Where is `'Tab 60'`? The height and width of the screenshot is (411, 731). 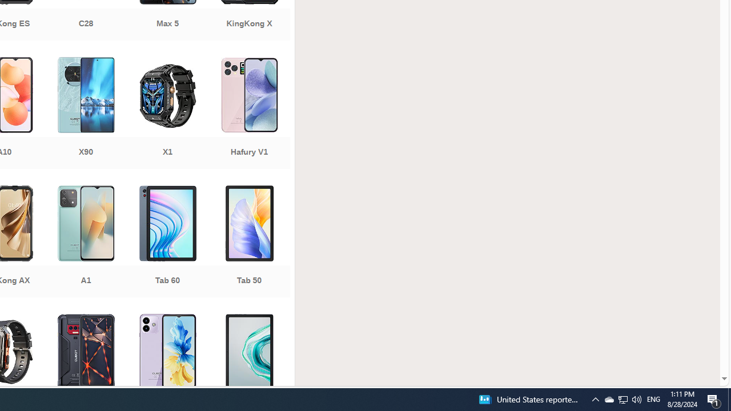
'Tab 60' is located at coordinates (167, 242).